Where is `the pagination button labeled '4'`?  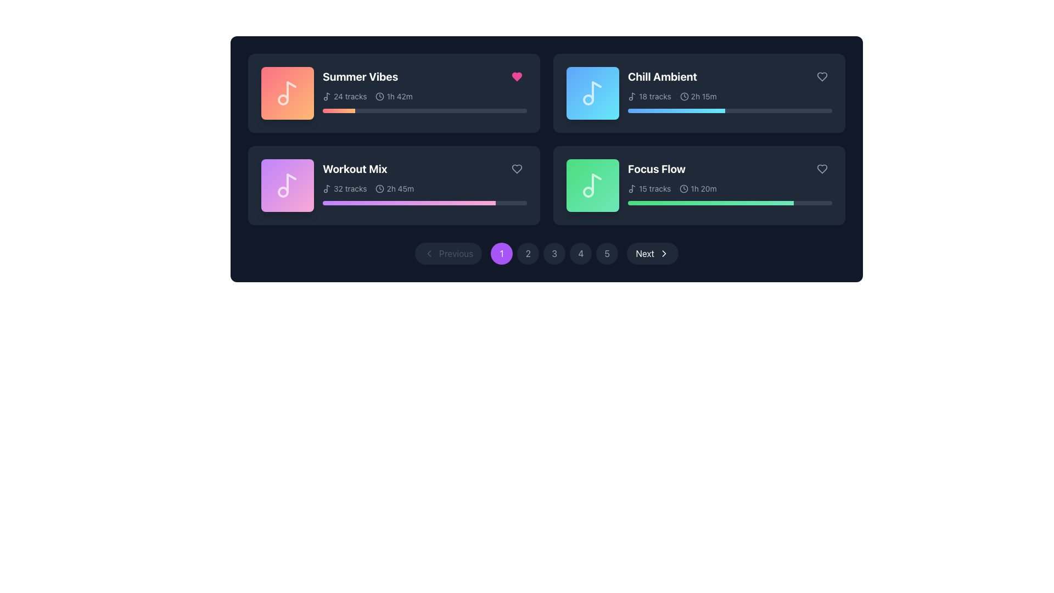 the pagination button labeled '4' is located at coordinates (580, 254).